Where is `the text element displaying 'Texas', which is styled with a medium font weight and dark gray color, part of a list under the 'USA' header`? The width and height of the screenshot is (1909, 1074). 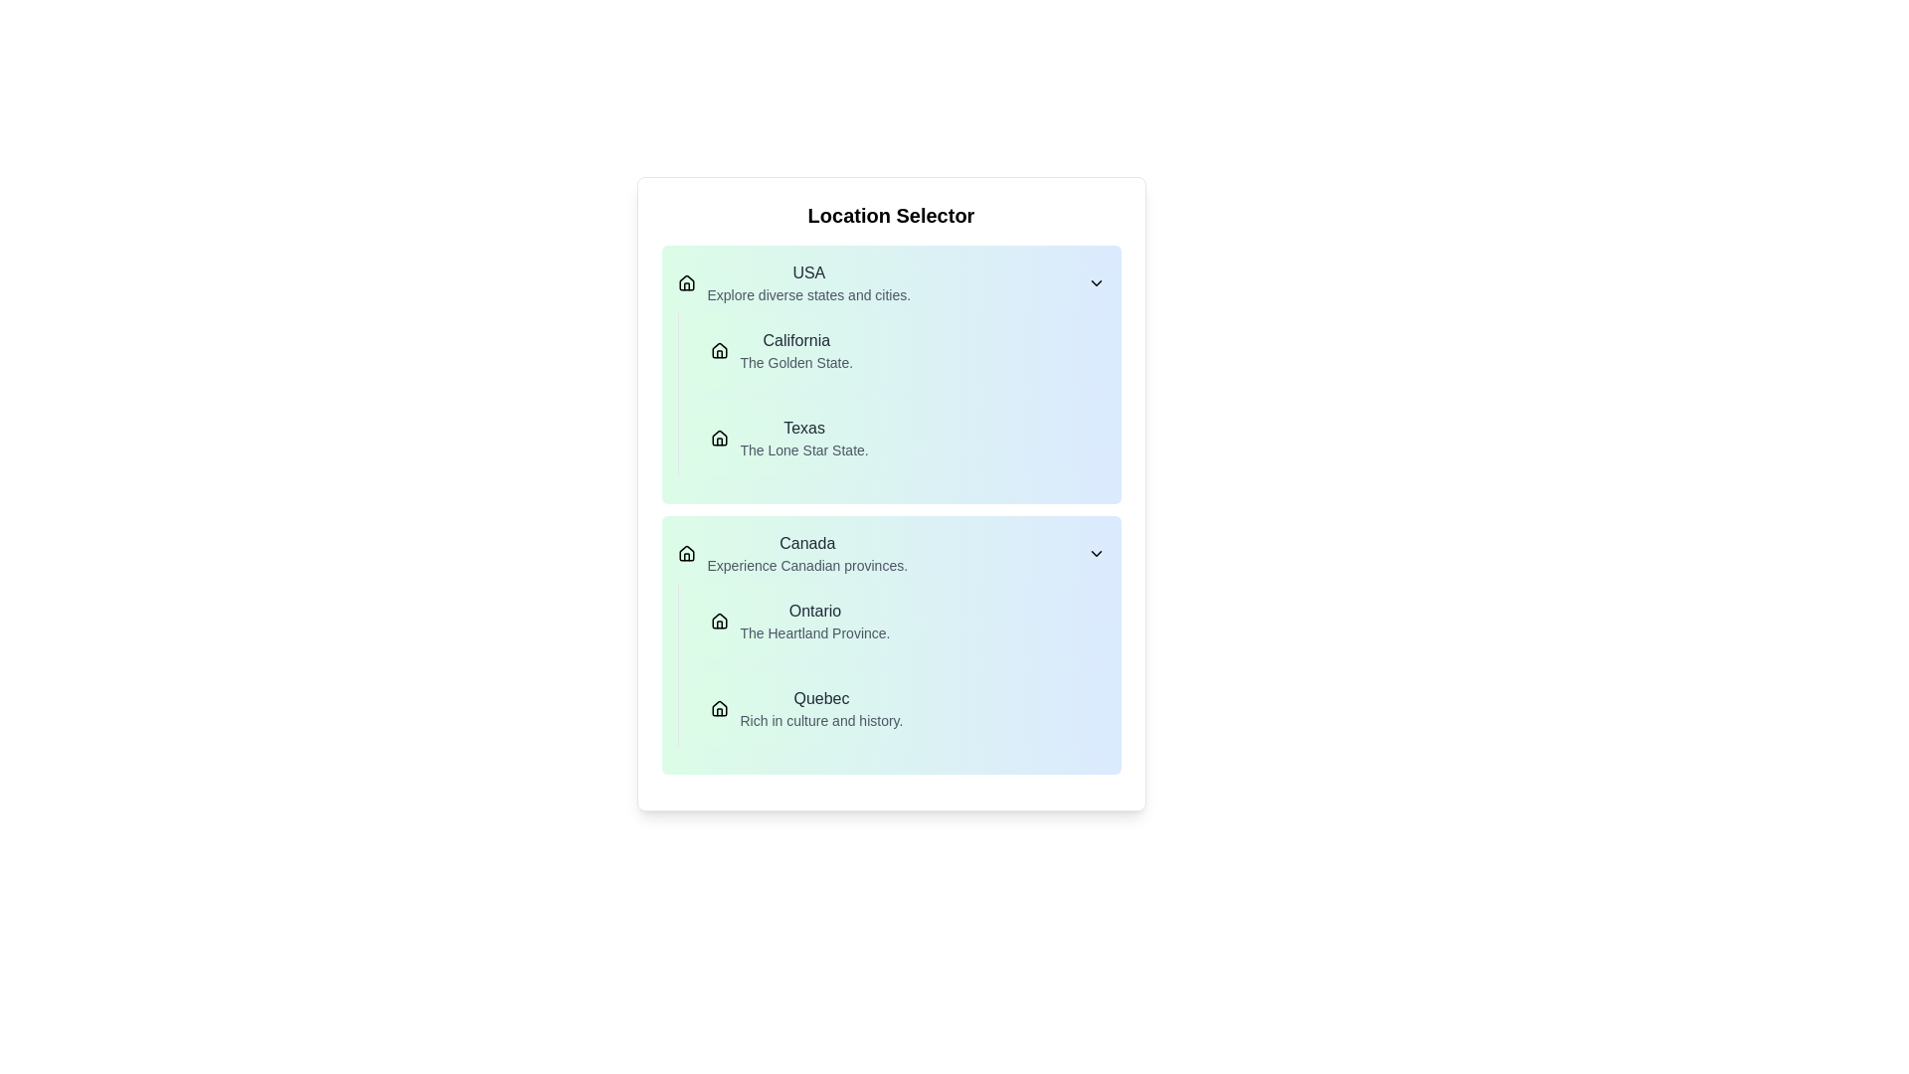 the text element displaying 'Texas', which is styled with a medium font weight and dark gray color, part of a list under the 'USA' header is located at coordinates (804, 428).